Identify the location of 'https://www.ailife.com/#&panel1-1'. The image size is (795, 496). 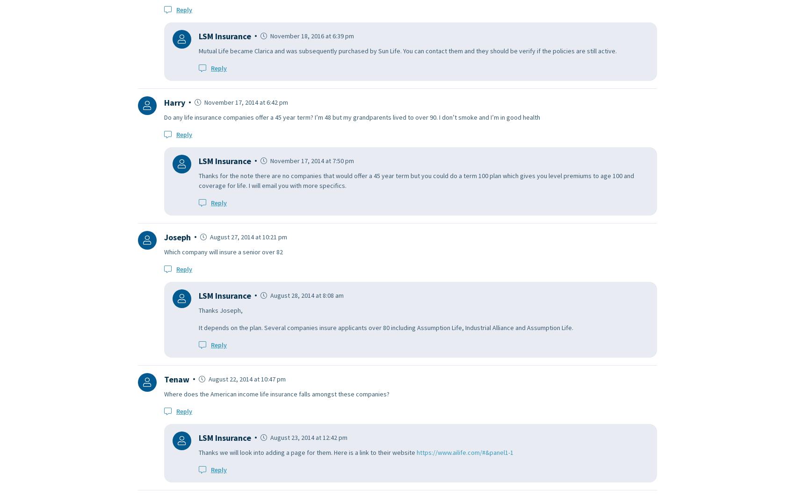
(464, 451).